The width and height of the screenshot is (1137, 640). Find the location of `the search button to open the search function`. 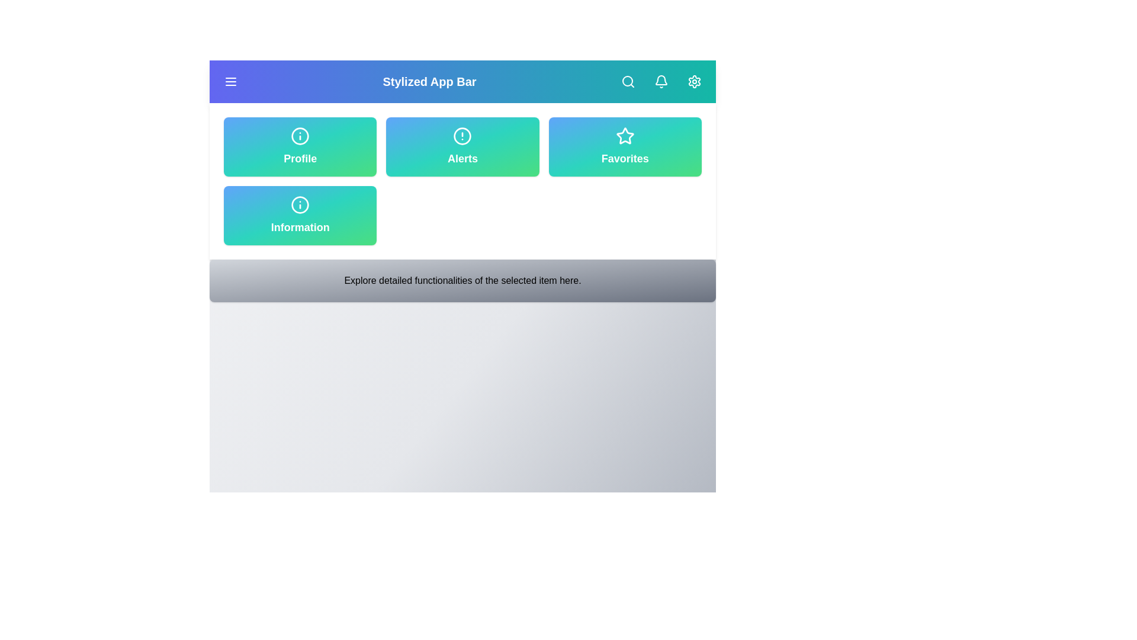

the search button to open the search function is located at coordinates (627, 81).